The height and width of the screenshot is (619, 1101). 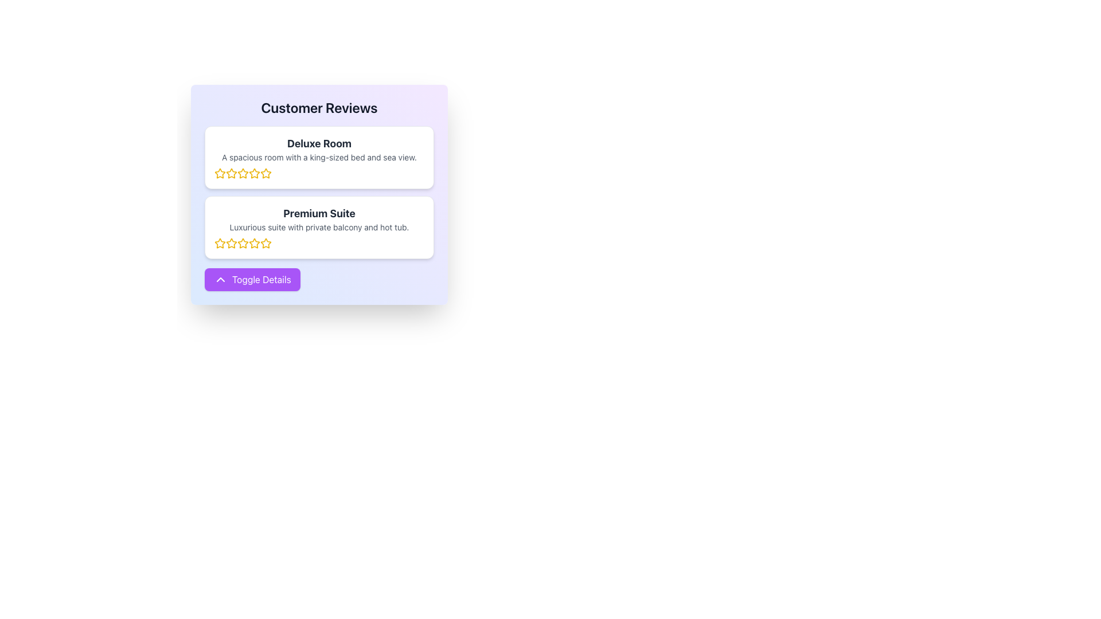 What do you see at coordinates (242, 173) in the screenshot?
I see `the second star icon in the rating system located in the 'Customer Reviews' panel below 'Deluxe Room'` at bounding box center [242, 173].